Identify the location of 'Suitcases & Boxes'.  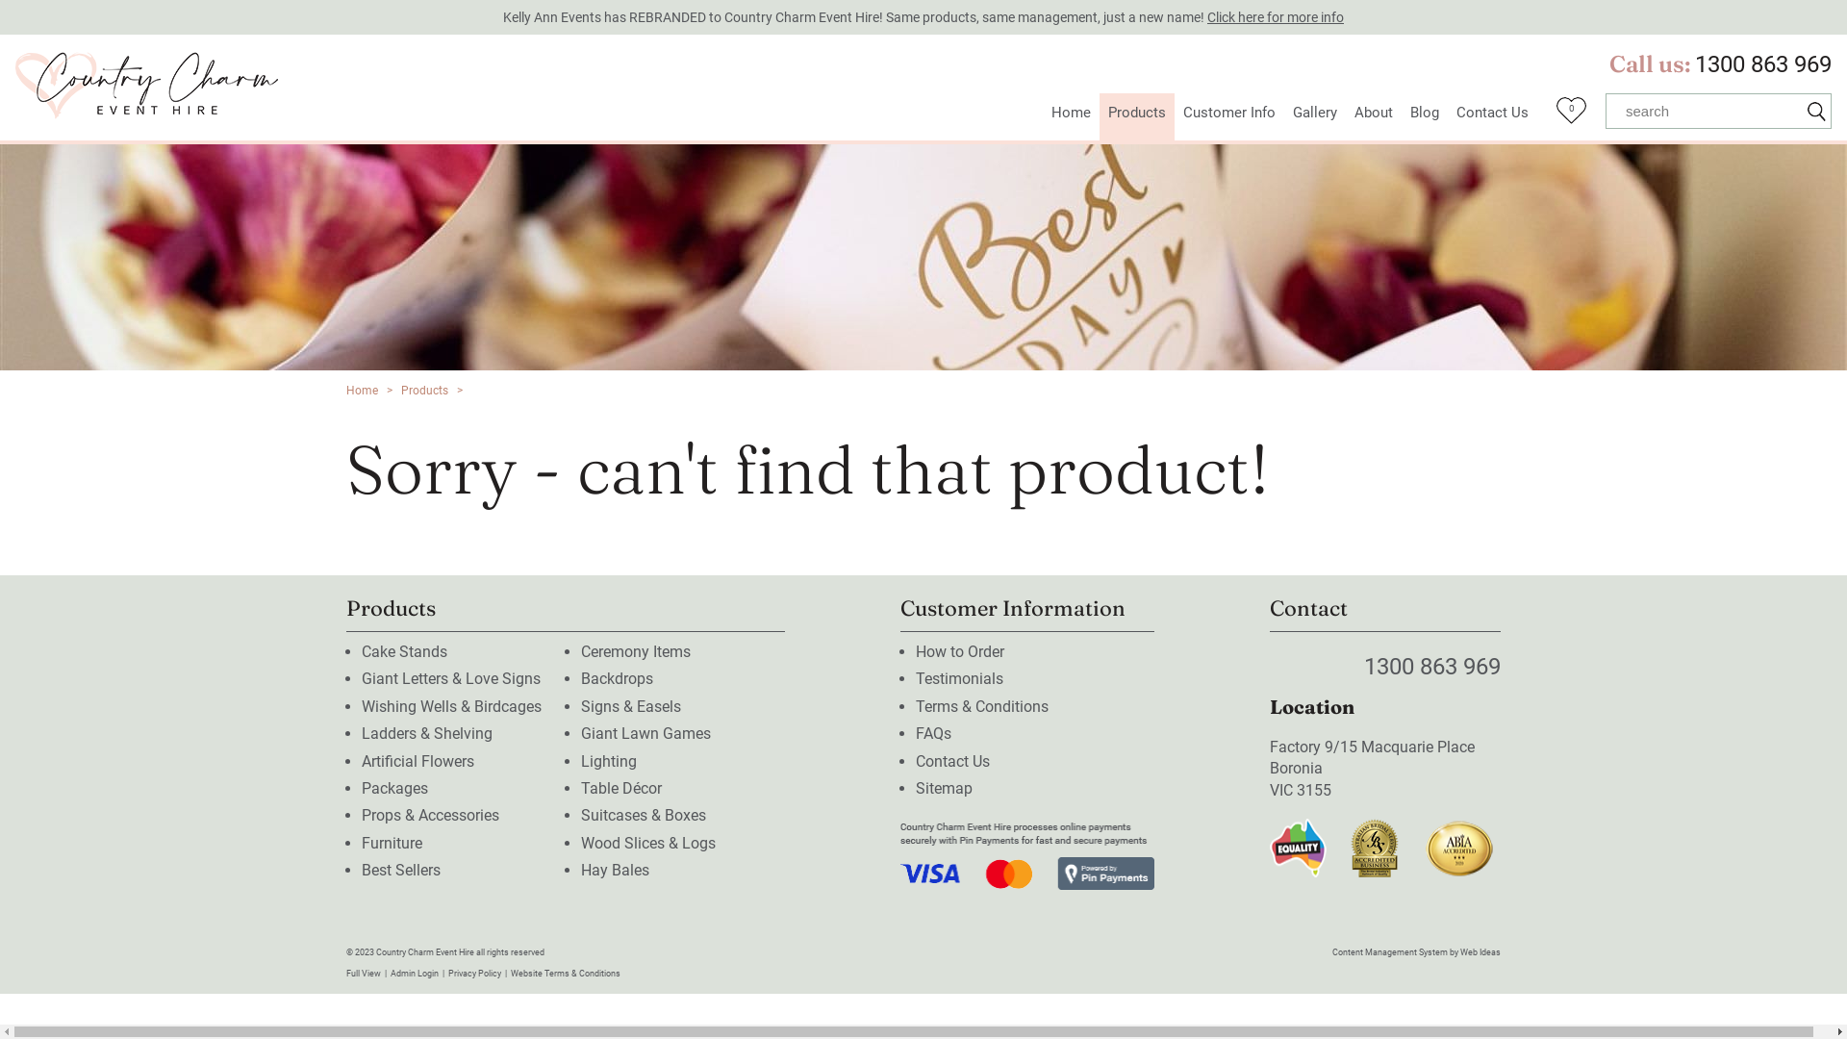
(580, 815).